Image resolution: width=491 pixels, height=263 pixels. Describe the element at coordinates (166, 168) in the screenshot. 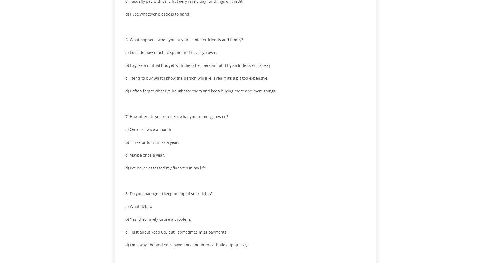

I see `'d) I’ve never assessed my finances in my life.'` at that location.